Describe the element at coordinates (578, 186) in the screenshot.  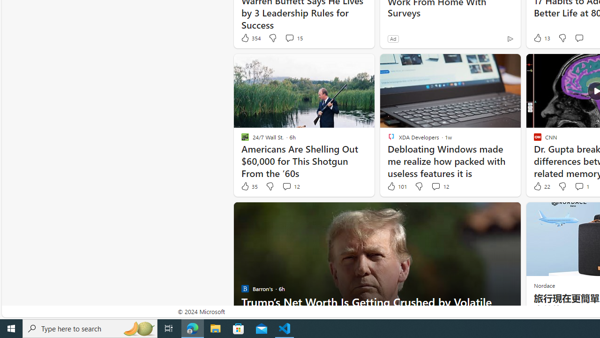
I see `'View comments 1 Comment'` at that location.